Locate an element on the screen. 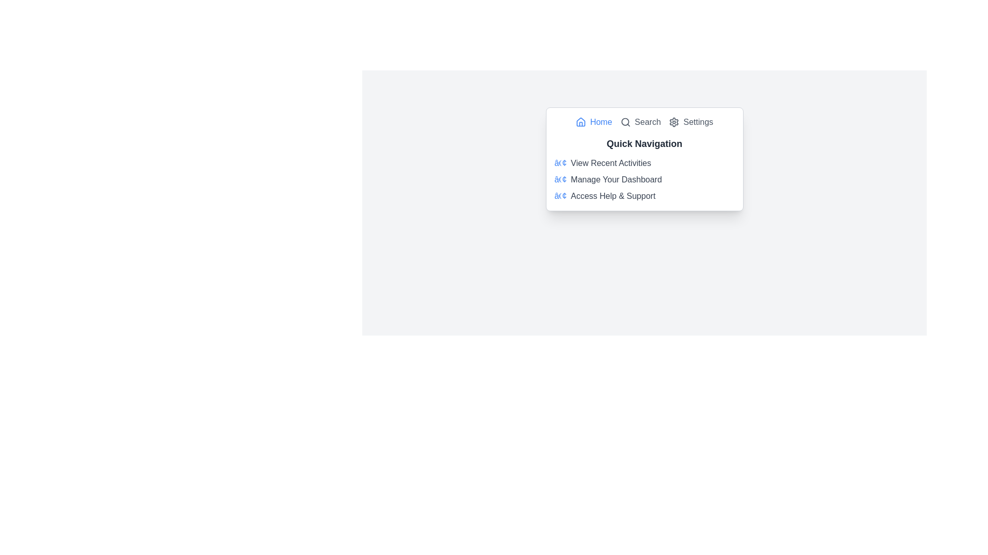 This screenshot has height=555, width=988. the navigational button with an icon and text located at the center of the interface is located at coordinates (640, 122).